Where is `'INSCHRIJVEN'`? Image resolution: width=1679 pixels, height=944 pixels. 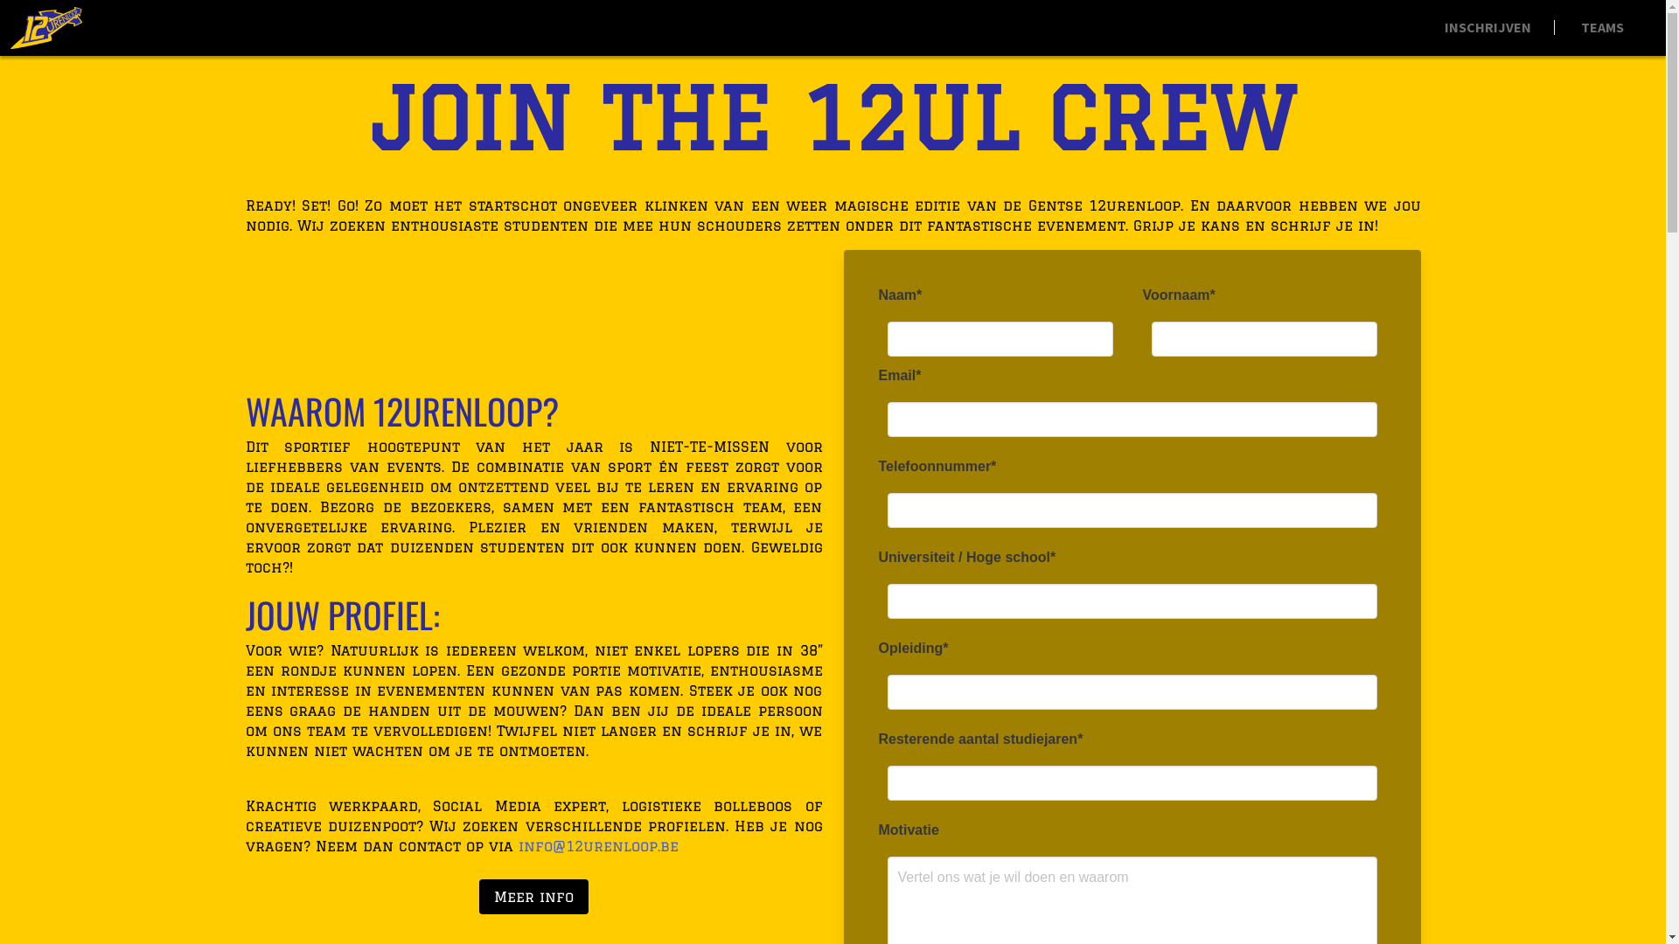
'INSCHRIJVEN' is located at coordinates (1487, 26).